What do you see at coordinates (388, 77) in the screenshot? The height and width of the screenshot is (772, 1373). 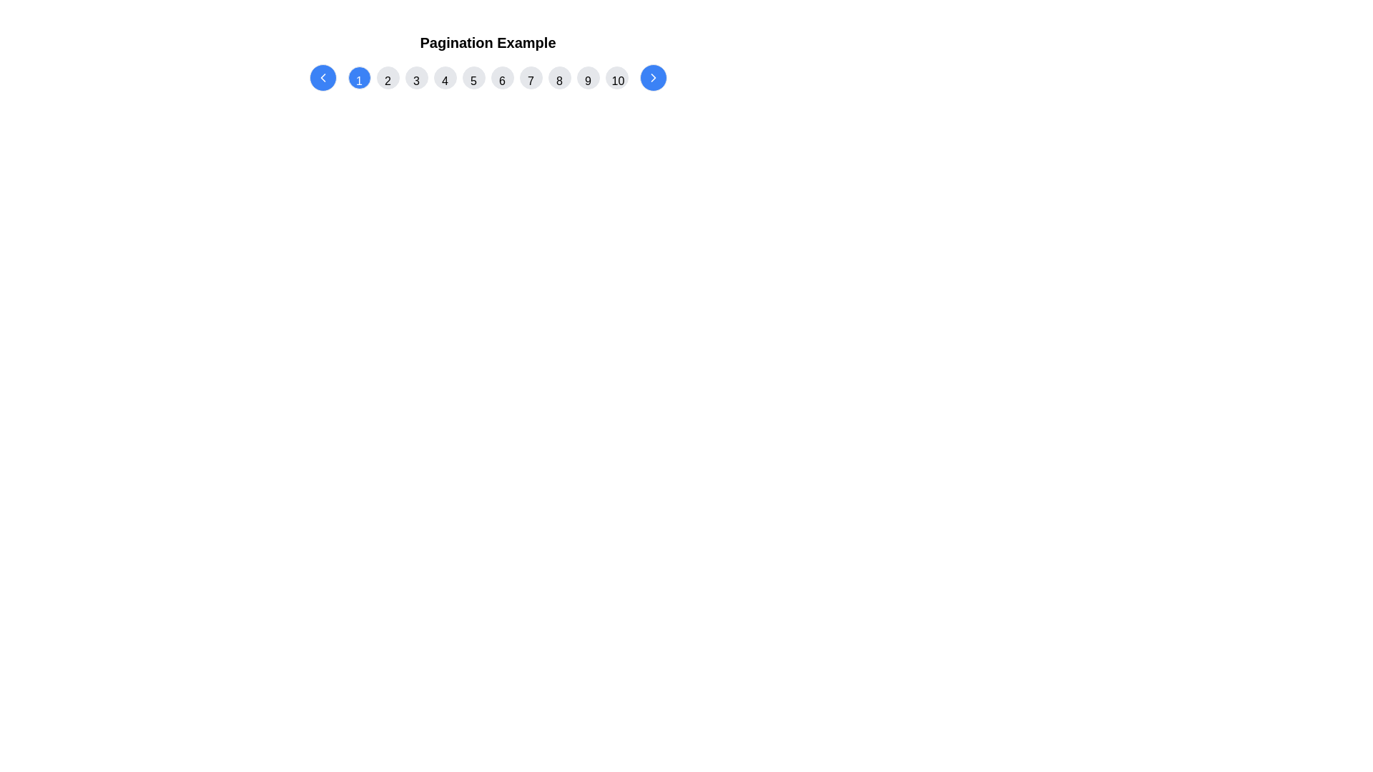 I see `the circular button labeled '2' to change its background color` at bounding box center [388, 77].